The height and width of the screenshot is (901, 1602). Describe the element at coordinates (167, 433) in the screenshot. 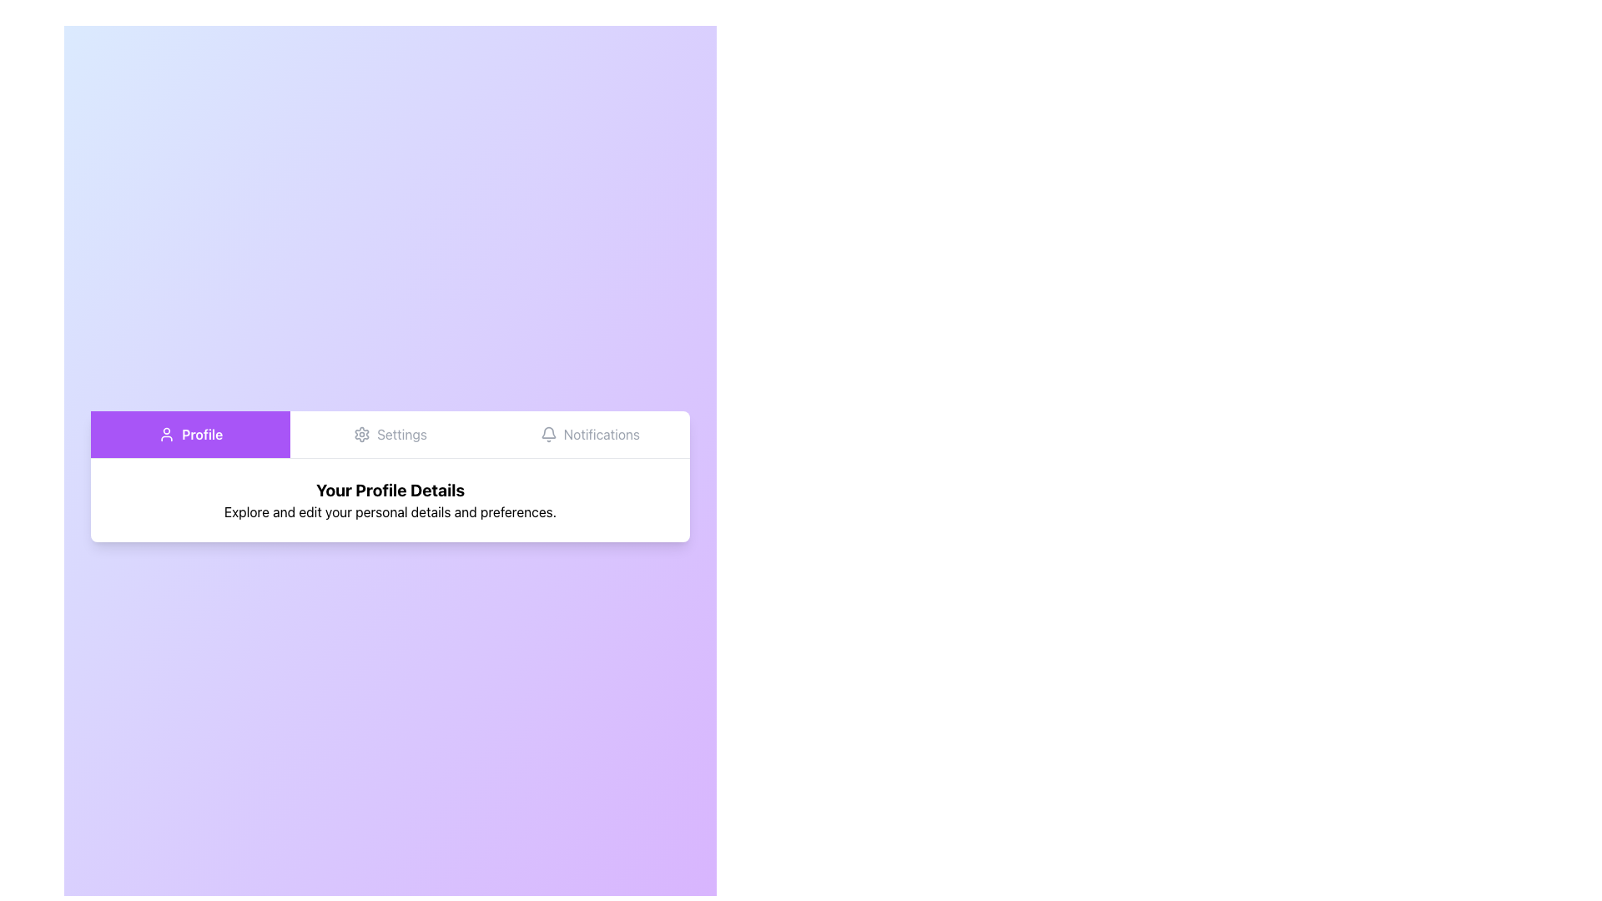

I see `the 'Profile' icon located in the upper navigation tab, positioned to the left of the text label 'Profile'` at that location.